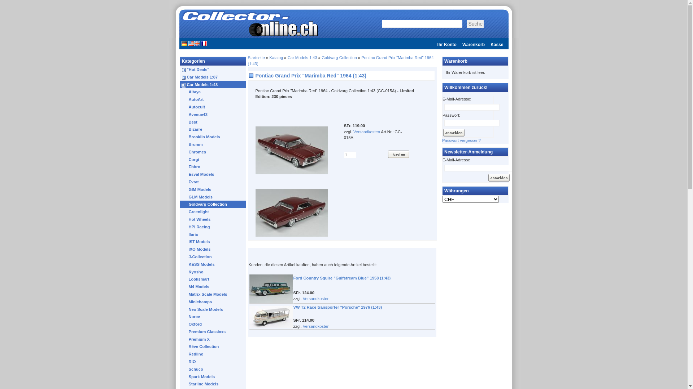 This screenshot has height=389, width=693. Describe the element at coordinates (214, 84) in the screenshot. I see `'Car Models 1:43'` at that location.